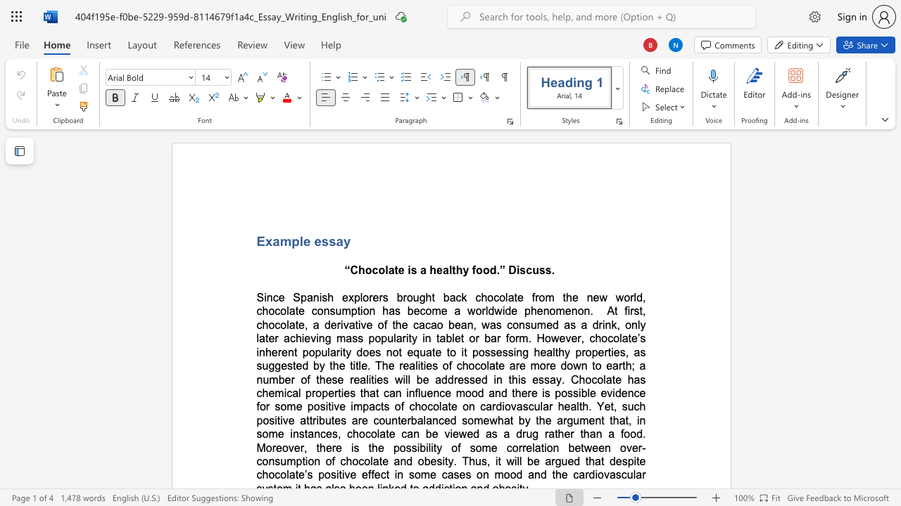 This screenshot has width=901, height=506. I want to click on the 1th character "b" in the text, so click(399, 297).